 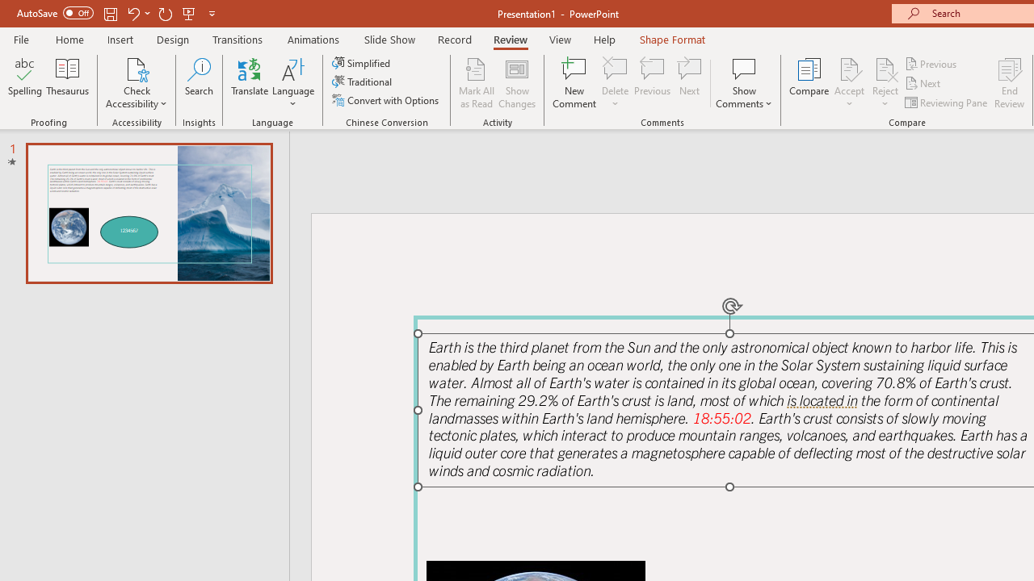 What do you see at coordinates (1008, 83) in the screenshot?
I see `'End Review'` at bounding box center [1008, 83].